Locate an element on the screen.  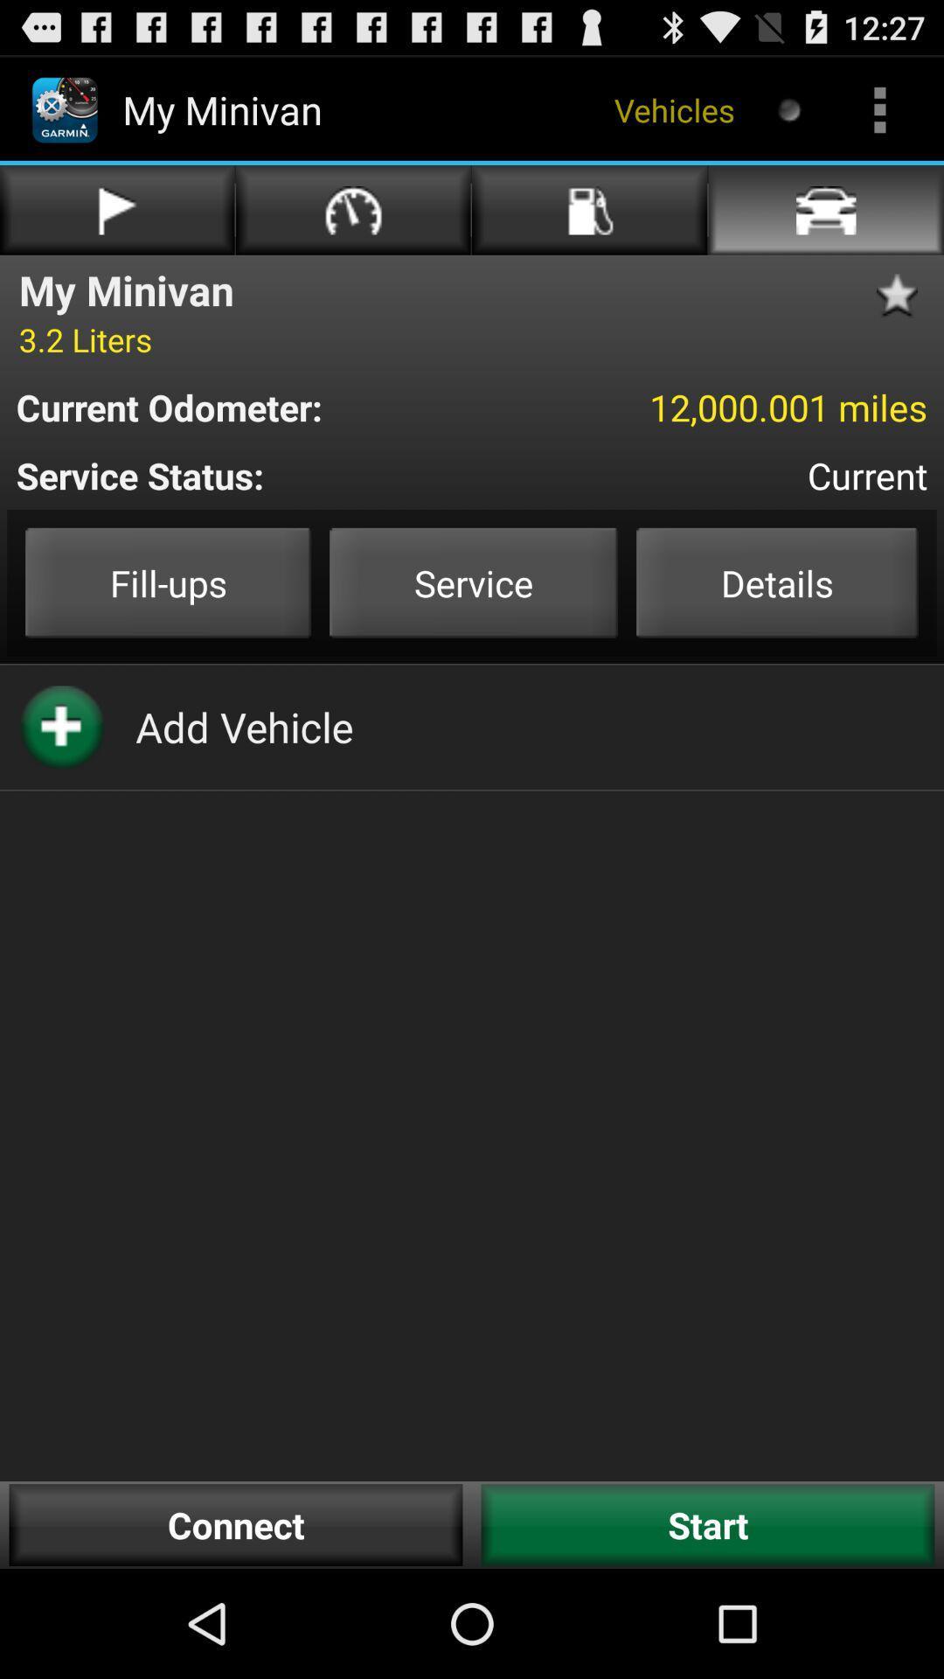
the details item is located at coordinates (776, 582).